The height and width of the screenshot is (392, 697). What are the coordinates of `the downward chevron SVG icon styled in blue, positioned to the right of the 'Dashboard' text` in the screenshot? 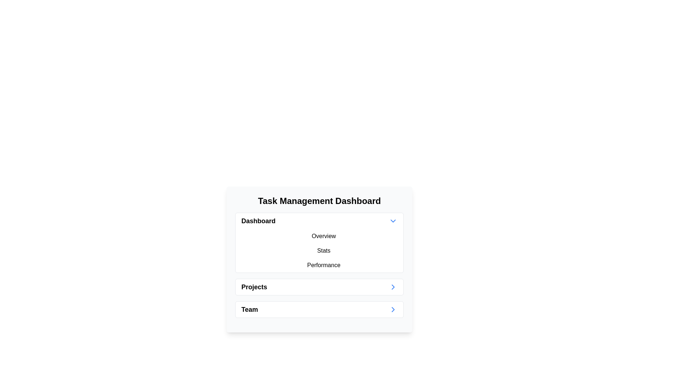 It's located at (393, 221).